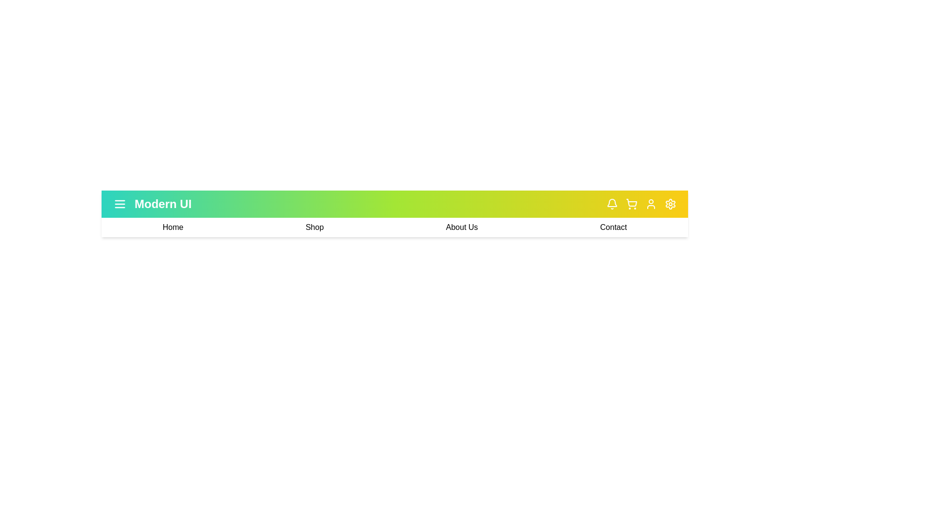  I want to click on the shopping cart icon, so click(632, 204).